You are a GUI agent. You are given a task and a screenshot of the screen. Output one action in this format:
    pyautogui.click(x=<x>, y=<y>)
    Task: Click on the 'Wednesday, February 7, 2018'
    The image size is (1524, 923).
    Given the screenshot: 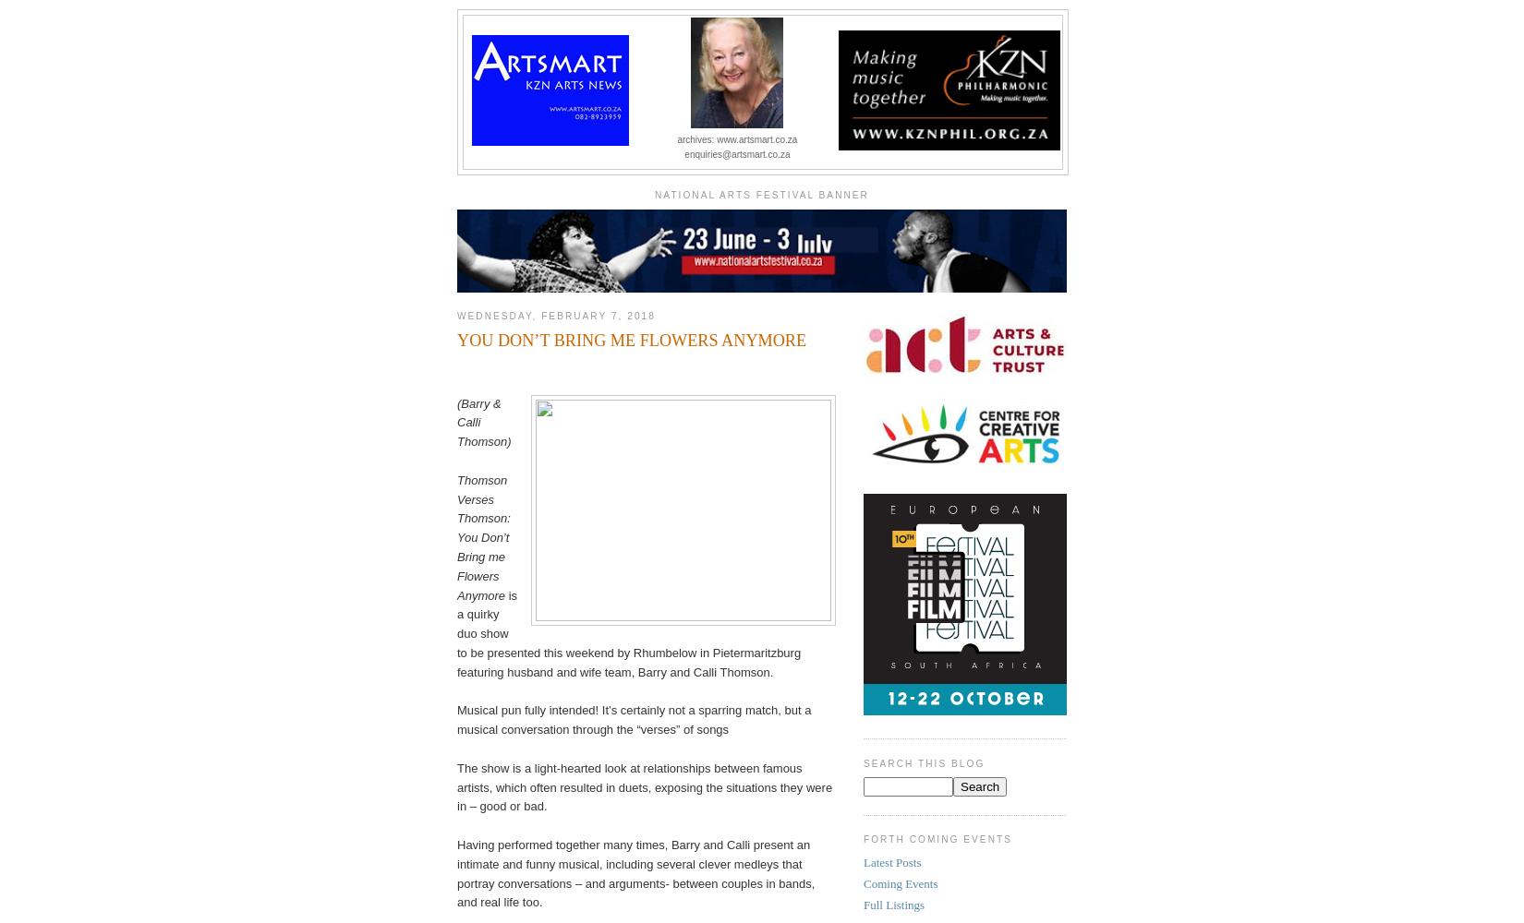 What is the action you would take?
    pyautogui.click(x=554, y=314)
    